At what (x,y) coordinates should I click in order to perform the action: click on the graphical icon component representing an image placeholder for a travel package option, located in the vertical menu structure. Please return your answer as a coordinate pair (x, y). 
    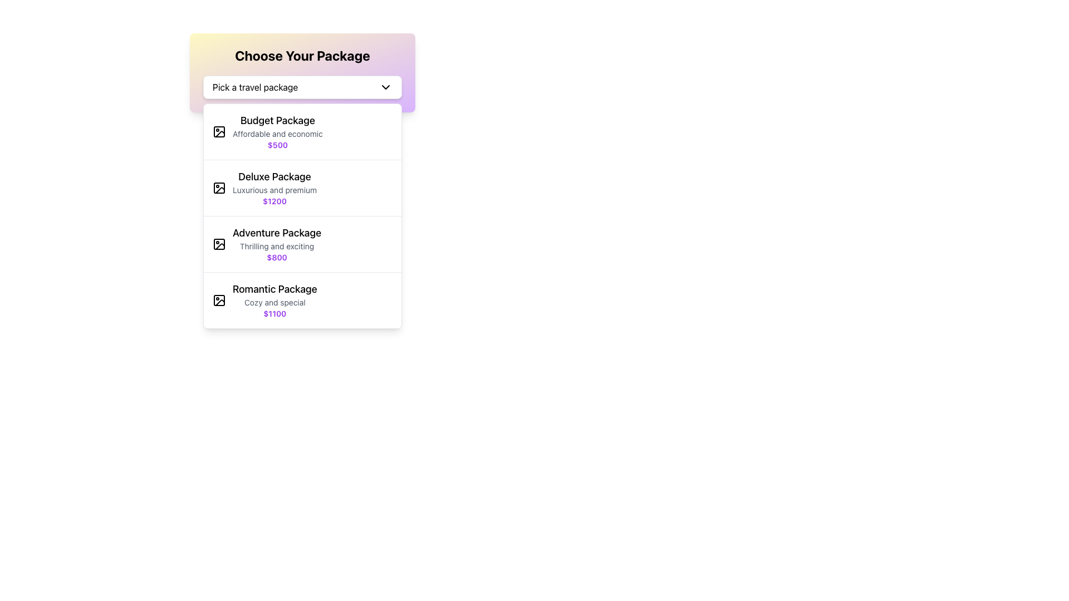
    Looking at the image, I should click on (220, 134).